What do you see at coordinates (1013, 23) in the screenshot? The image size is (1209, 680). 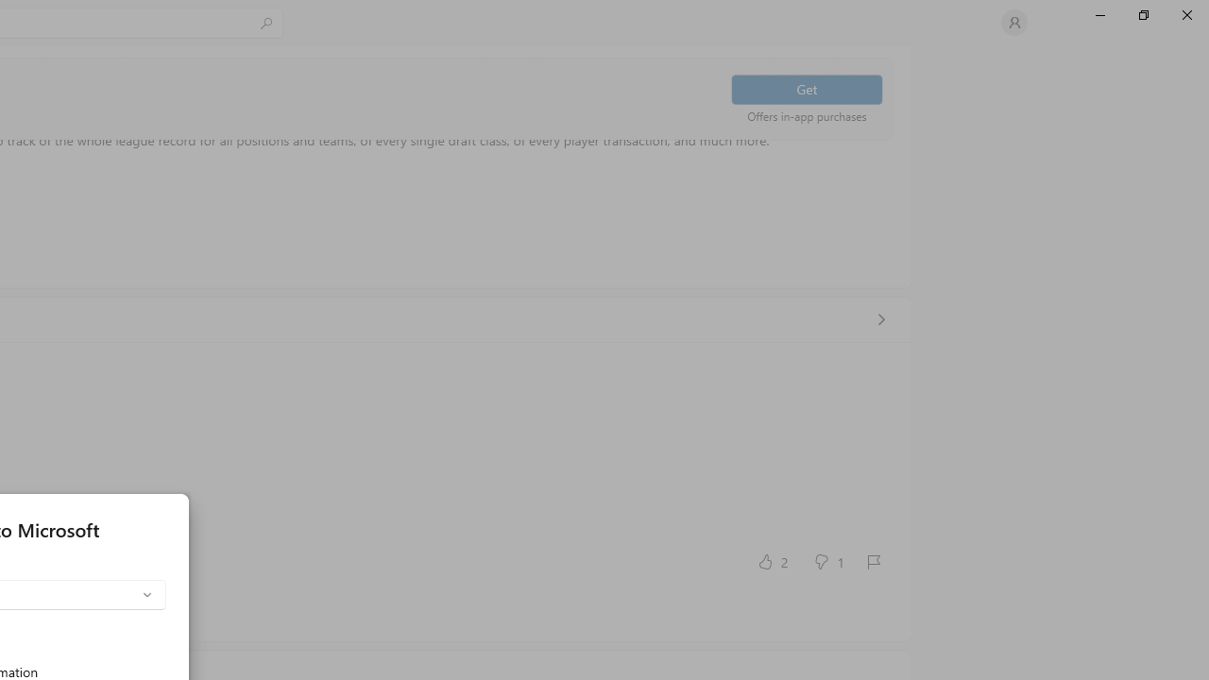 I see `'User profile'` at bounding box center [1013, 23].